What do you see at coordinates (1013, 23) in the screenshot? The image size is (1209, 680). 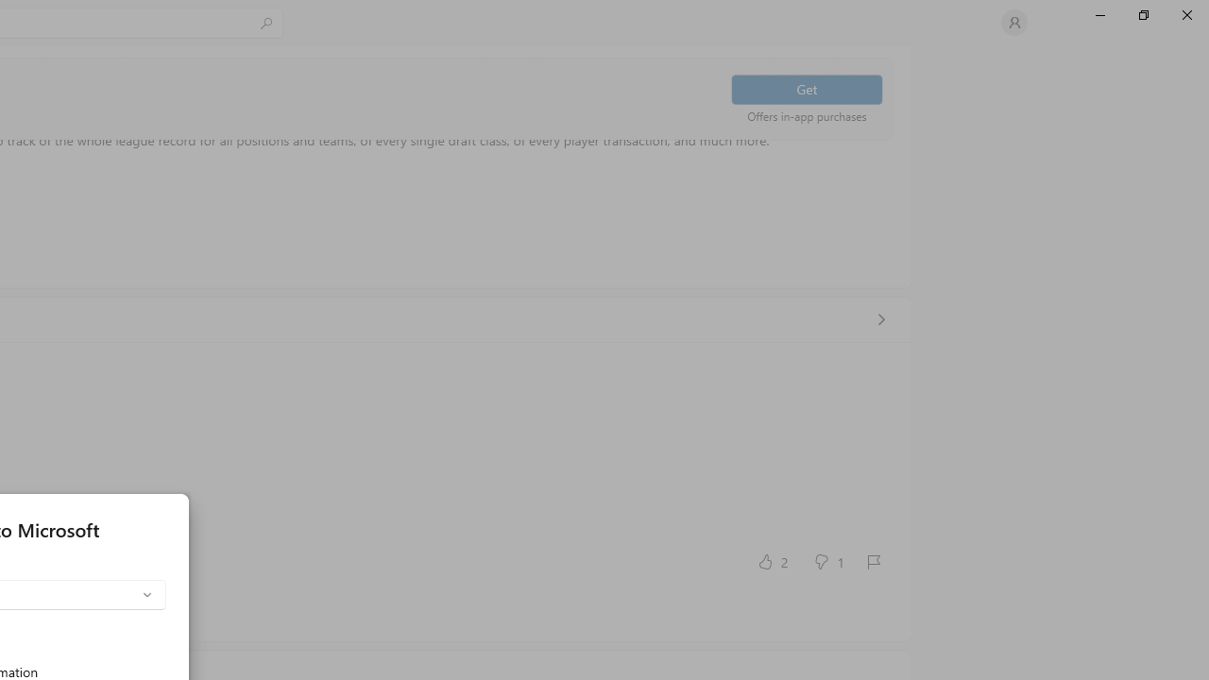 I see `'User profile'` at bounding box center [1013, 23].